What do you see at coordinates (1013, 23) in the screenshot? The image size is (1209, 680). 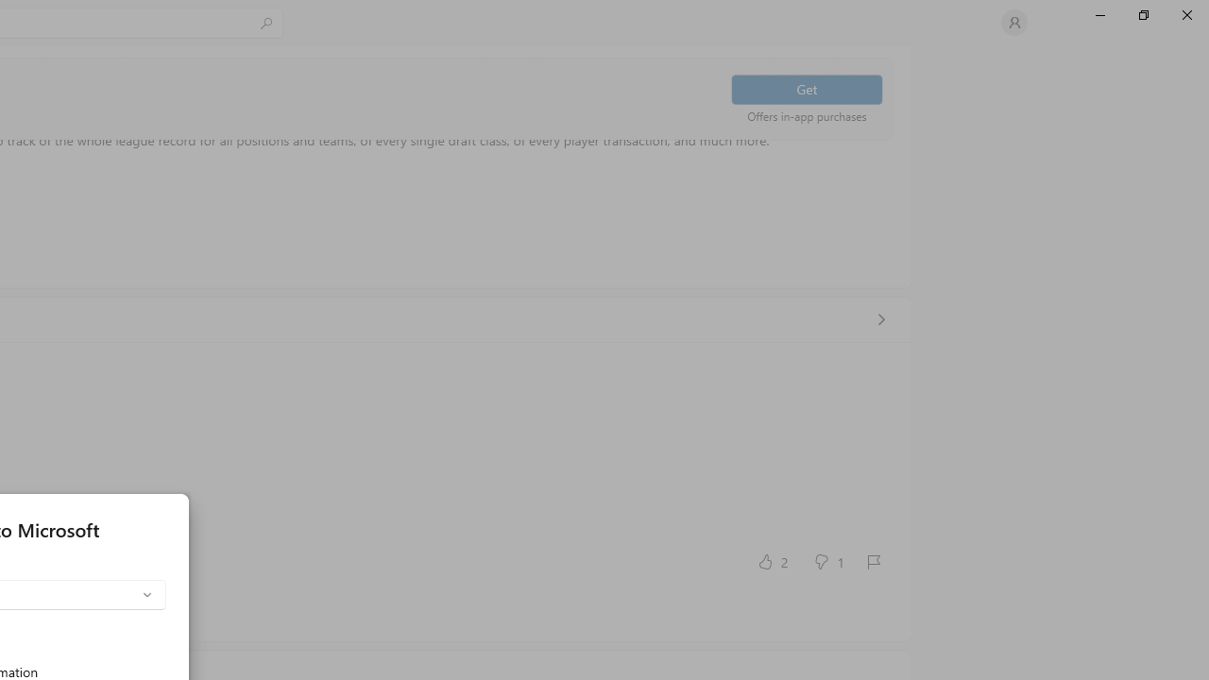 I see `'User profile'` at bounding box center [1013, 23].